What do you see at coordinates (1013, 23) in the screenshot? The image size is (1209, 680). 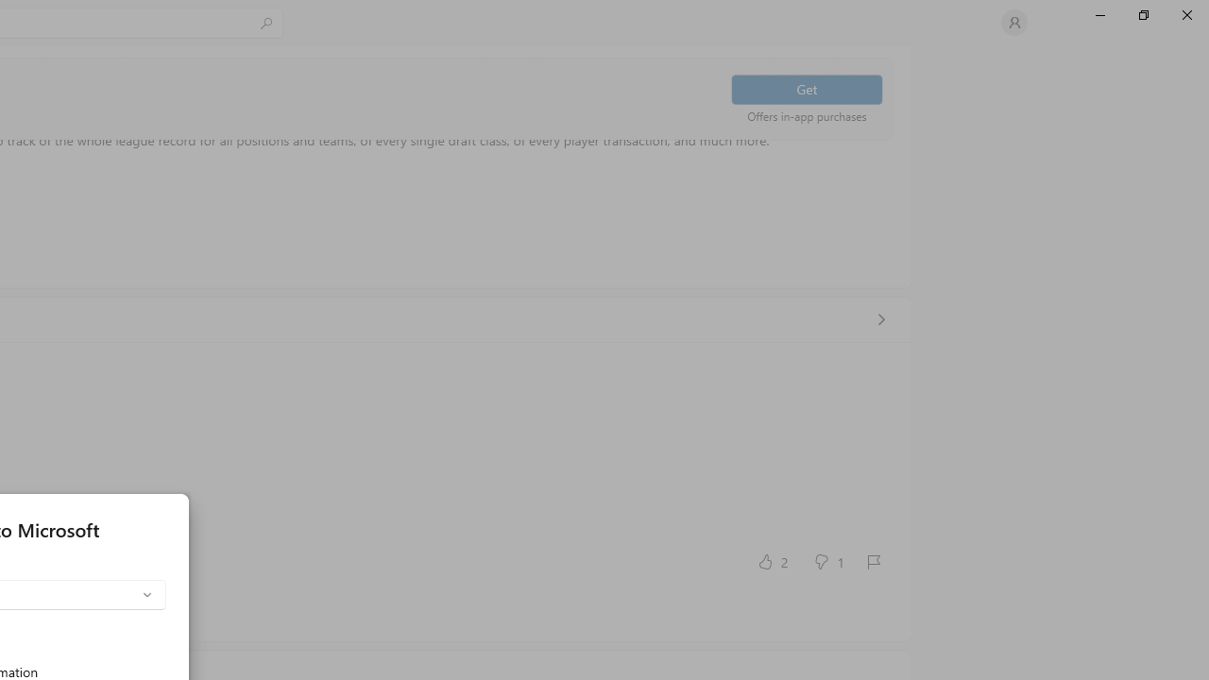 I see `'User profile'` at bounding box center [1013, 23].